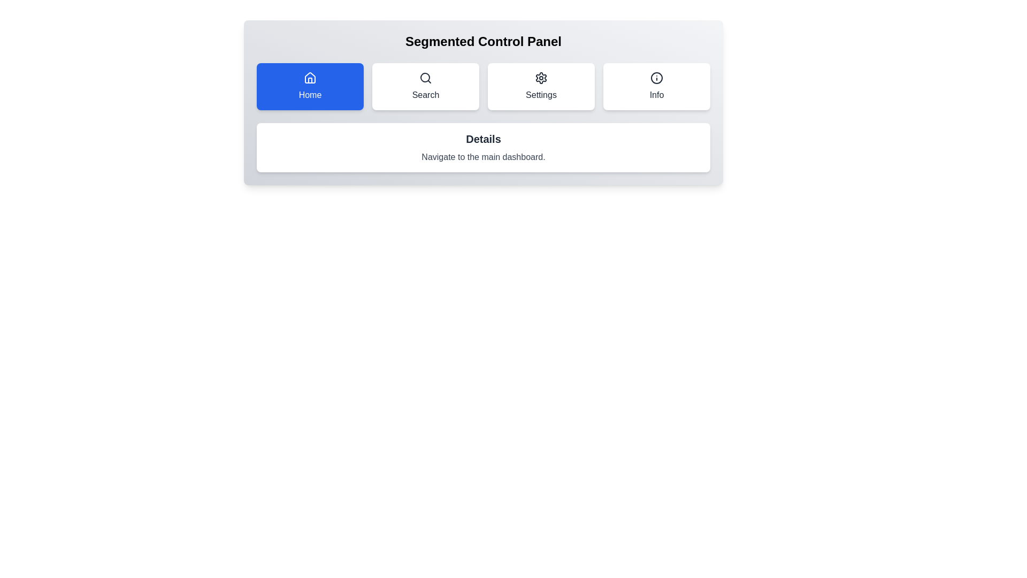  I want to click on the magnifying glass icon located at the center top of the 'Search' button, which is the second from the left among the four buttons in the main control panel, so click(425, 78).